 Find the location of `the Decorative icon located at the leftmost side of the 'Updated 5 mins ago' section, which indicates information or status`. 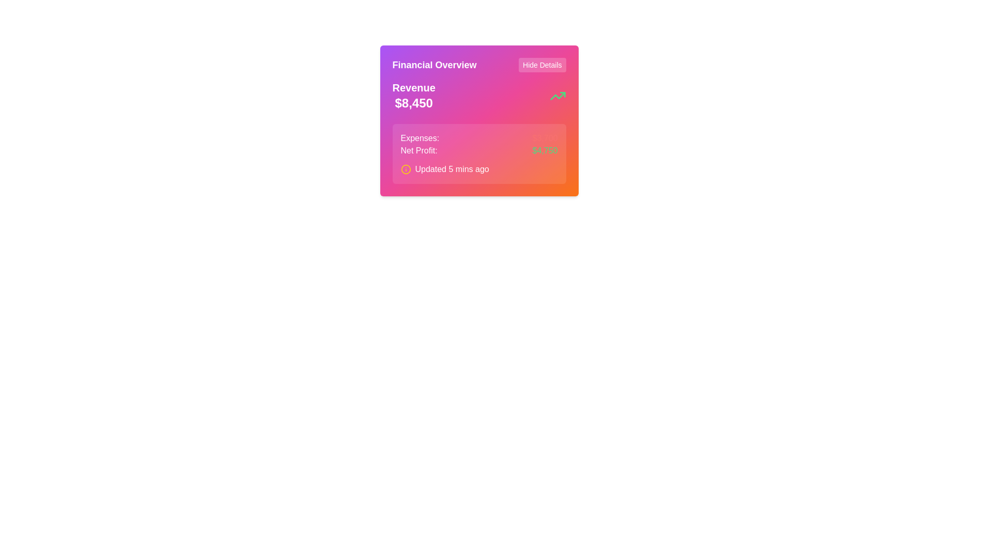

the Decorative icon located at the leftmost side of the 'Updated 5 mins ago' section, which indicates information or status is located at coordinates (405, 168).